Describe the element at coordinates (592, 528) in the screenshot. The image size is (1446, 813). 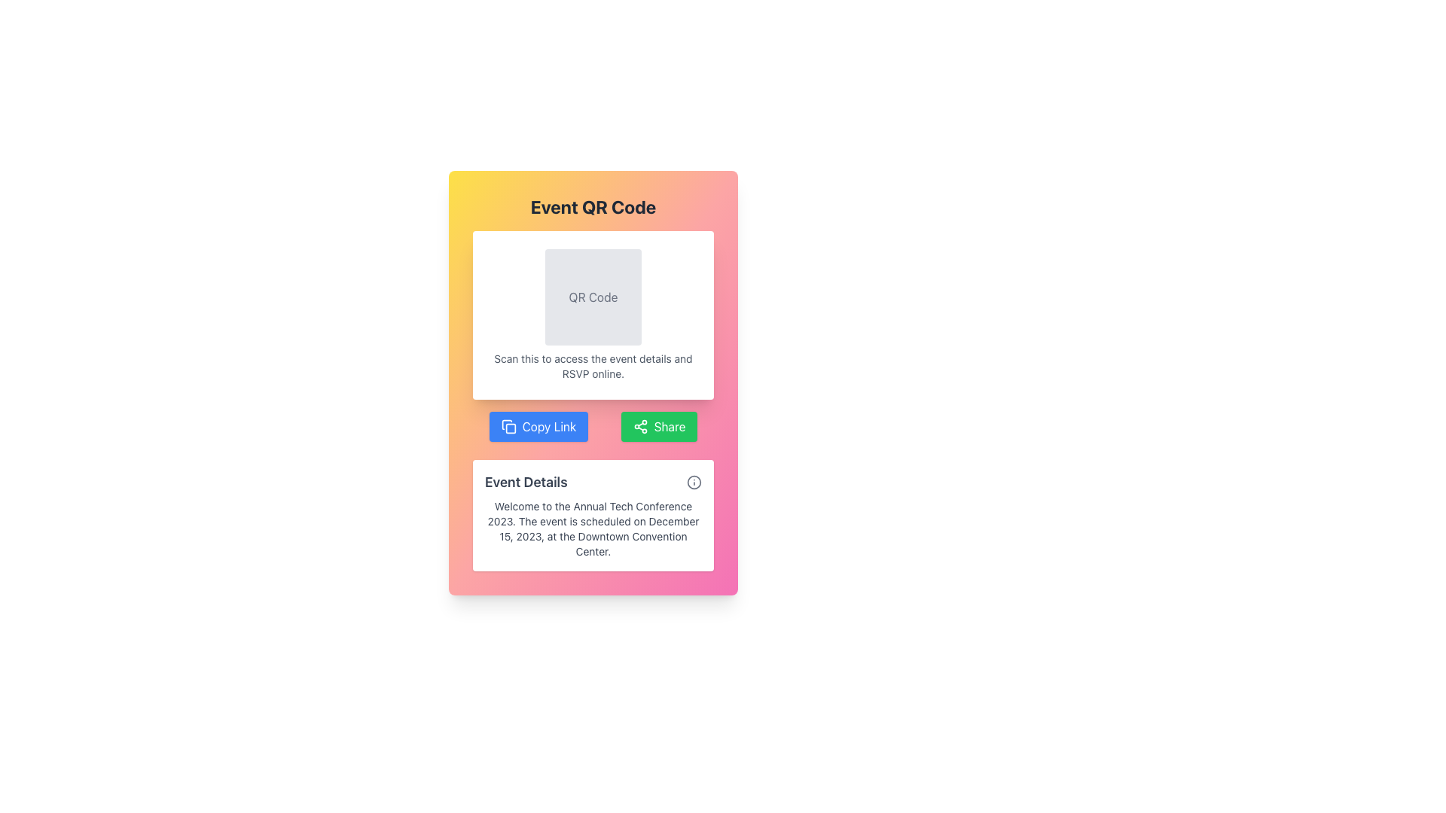
I see `the text block displaying 'Welcome to the Annual Tech Conference 2023' which is located within the 'Event Details' card, positioned underneath the event QR code and action buttons` at that location.